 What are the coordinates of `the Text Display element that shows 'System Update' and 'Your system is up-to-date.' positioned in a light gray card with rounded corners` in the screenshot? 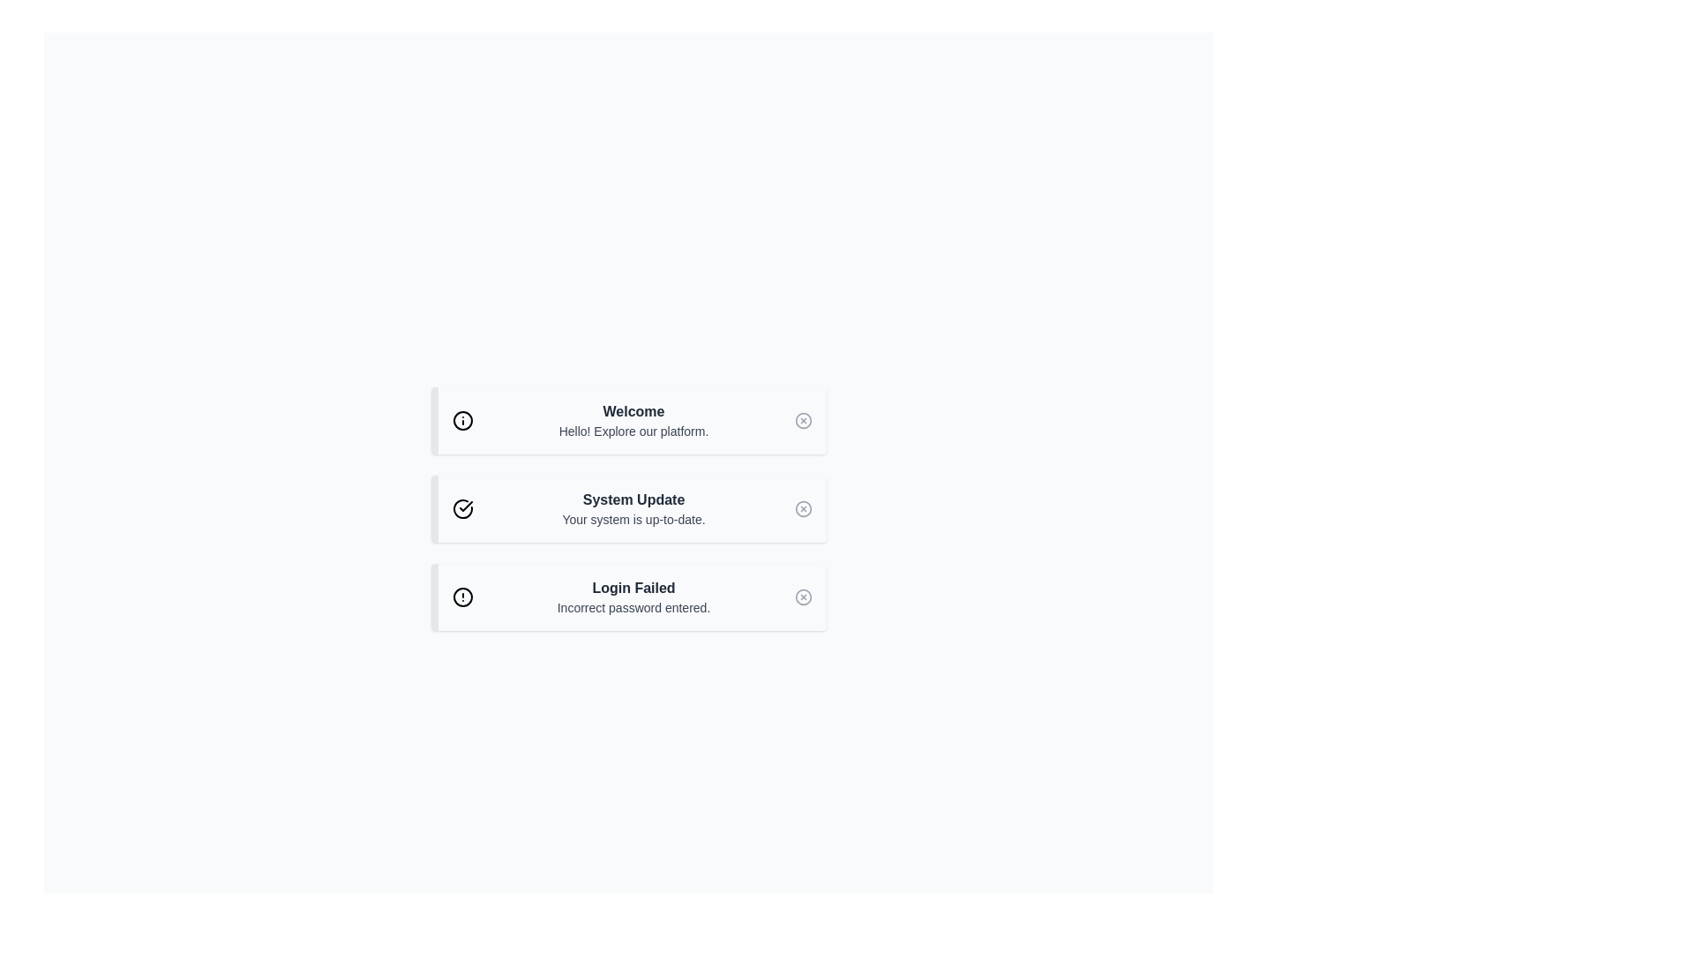 It's located at (633, 509).